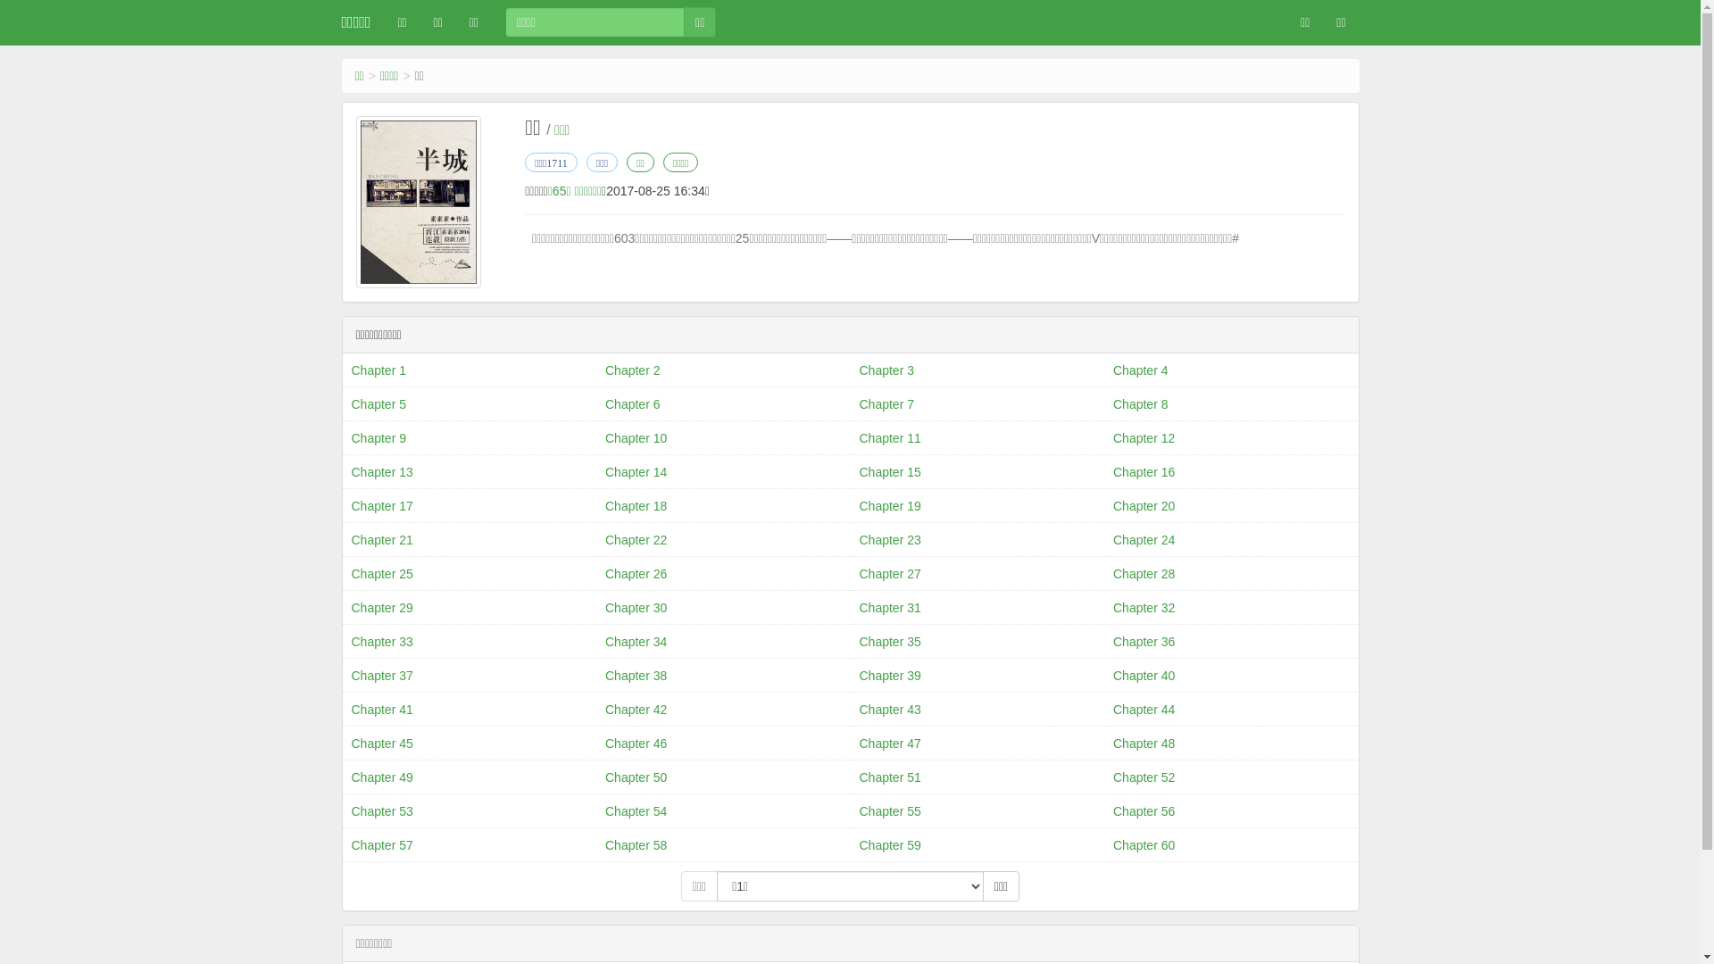 This screenshot has height=964, width=1714. Describe the element at coordinates (1230, 640) in the screenshot. I see `'Chapter 36'` at that location.